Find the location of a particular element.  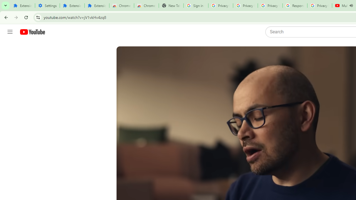

'Extensions' is located at coordinates (72, 6).